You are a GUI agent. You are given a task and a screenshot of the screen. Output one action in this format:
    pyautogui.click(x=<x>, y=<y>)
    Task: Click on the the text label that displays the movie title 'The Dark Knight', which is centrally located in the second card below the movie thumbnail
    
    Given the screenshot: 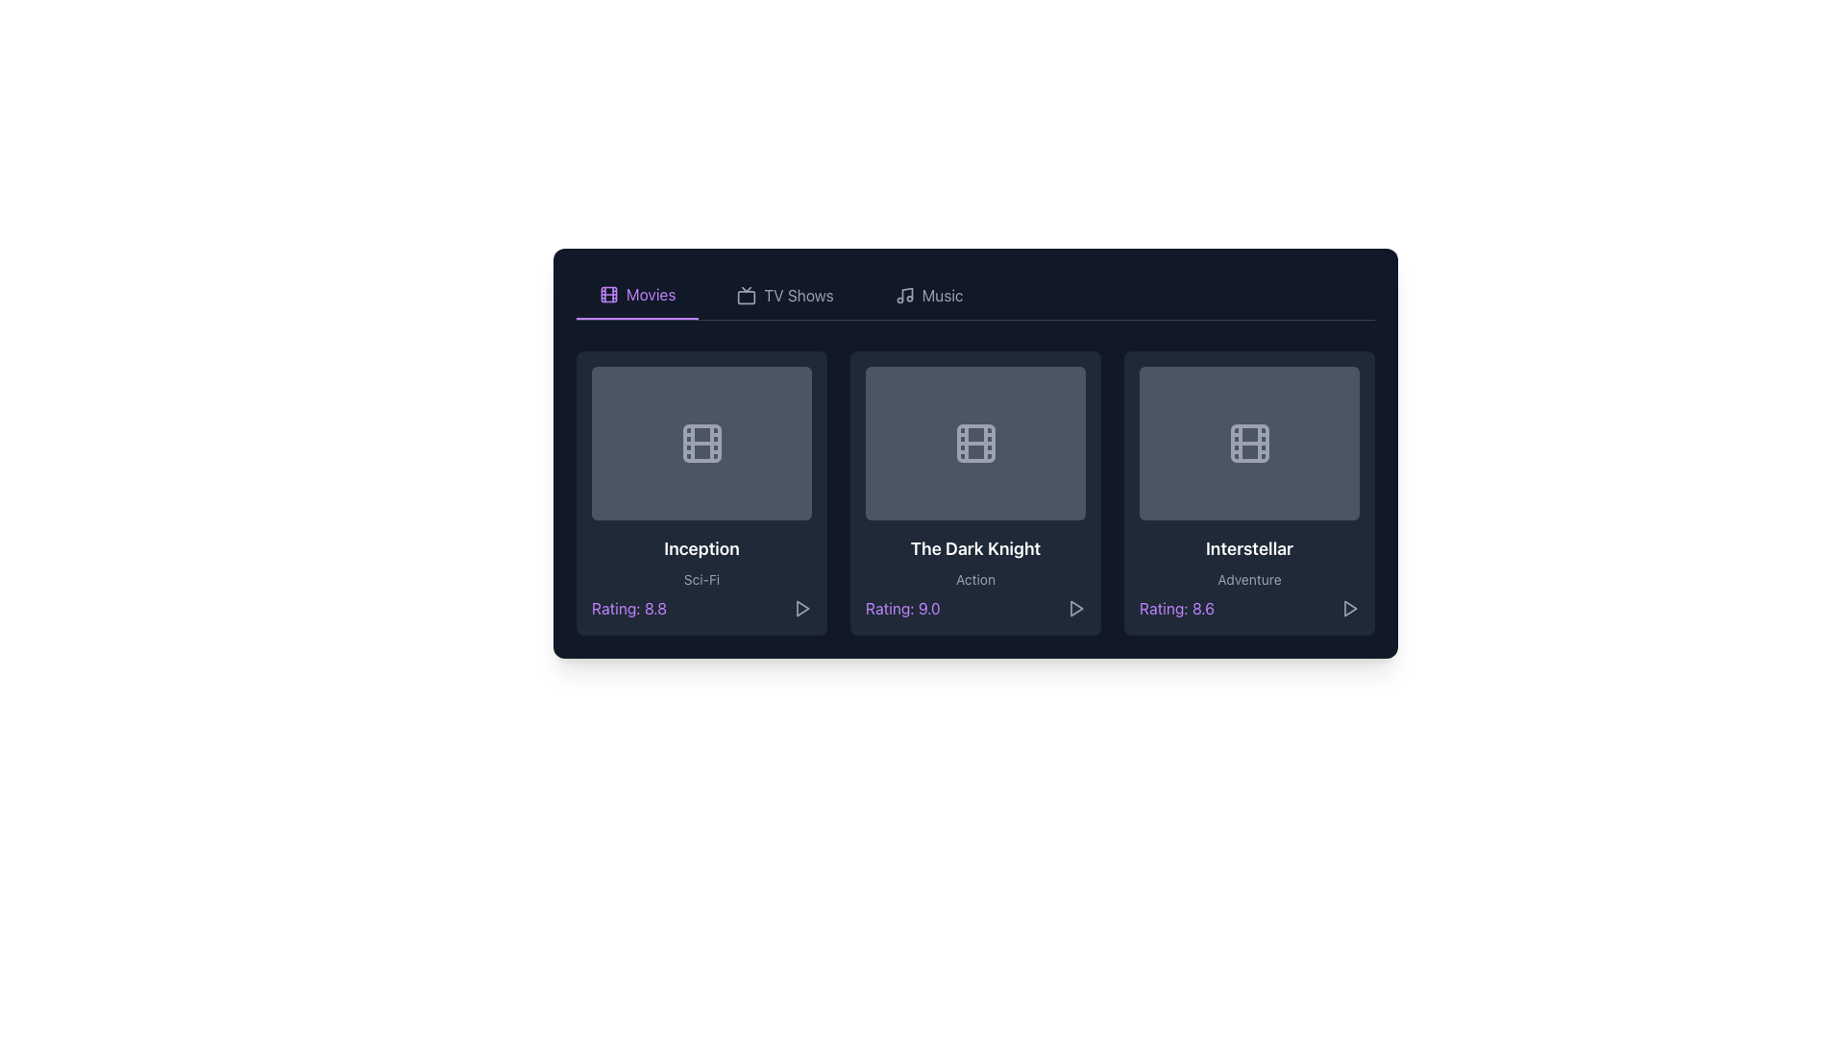 What is the action you would take?
    pyautogui.click(x=975, y=548)
    